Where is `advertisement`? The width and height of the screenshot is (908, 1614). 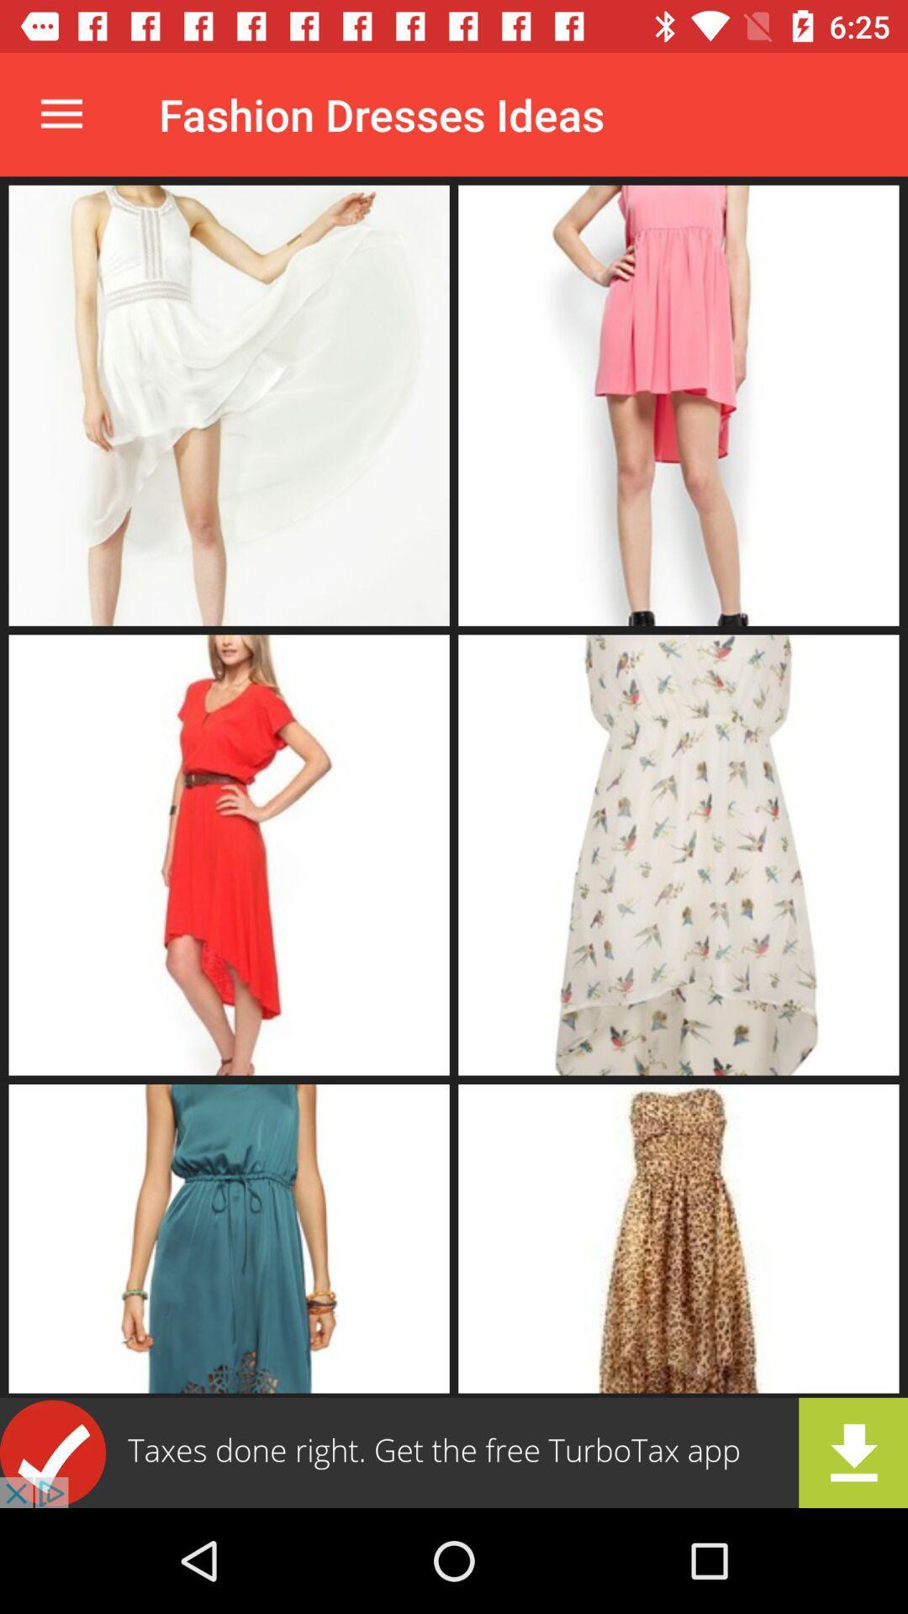
advertisement is located at coordinates (454, 1452).